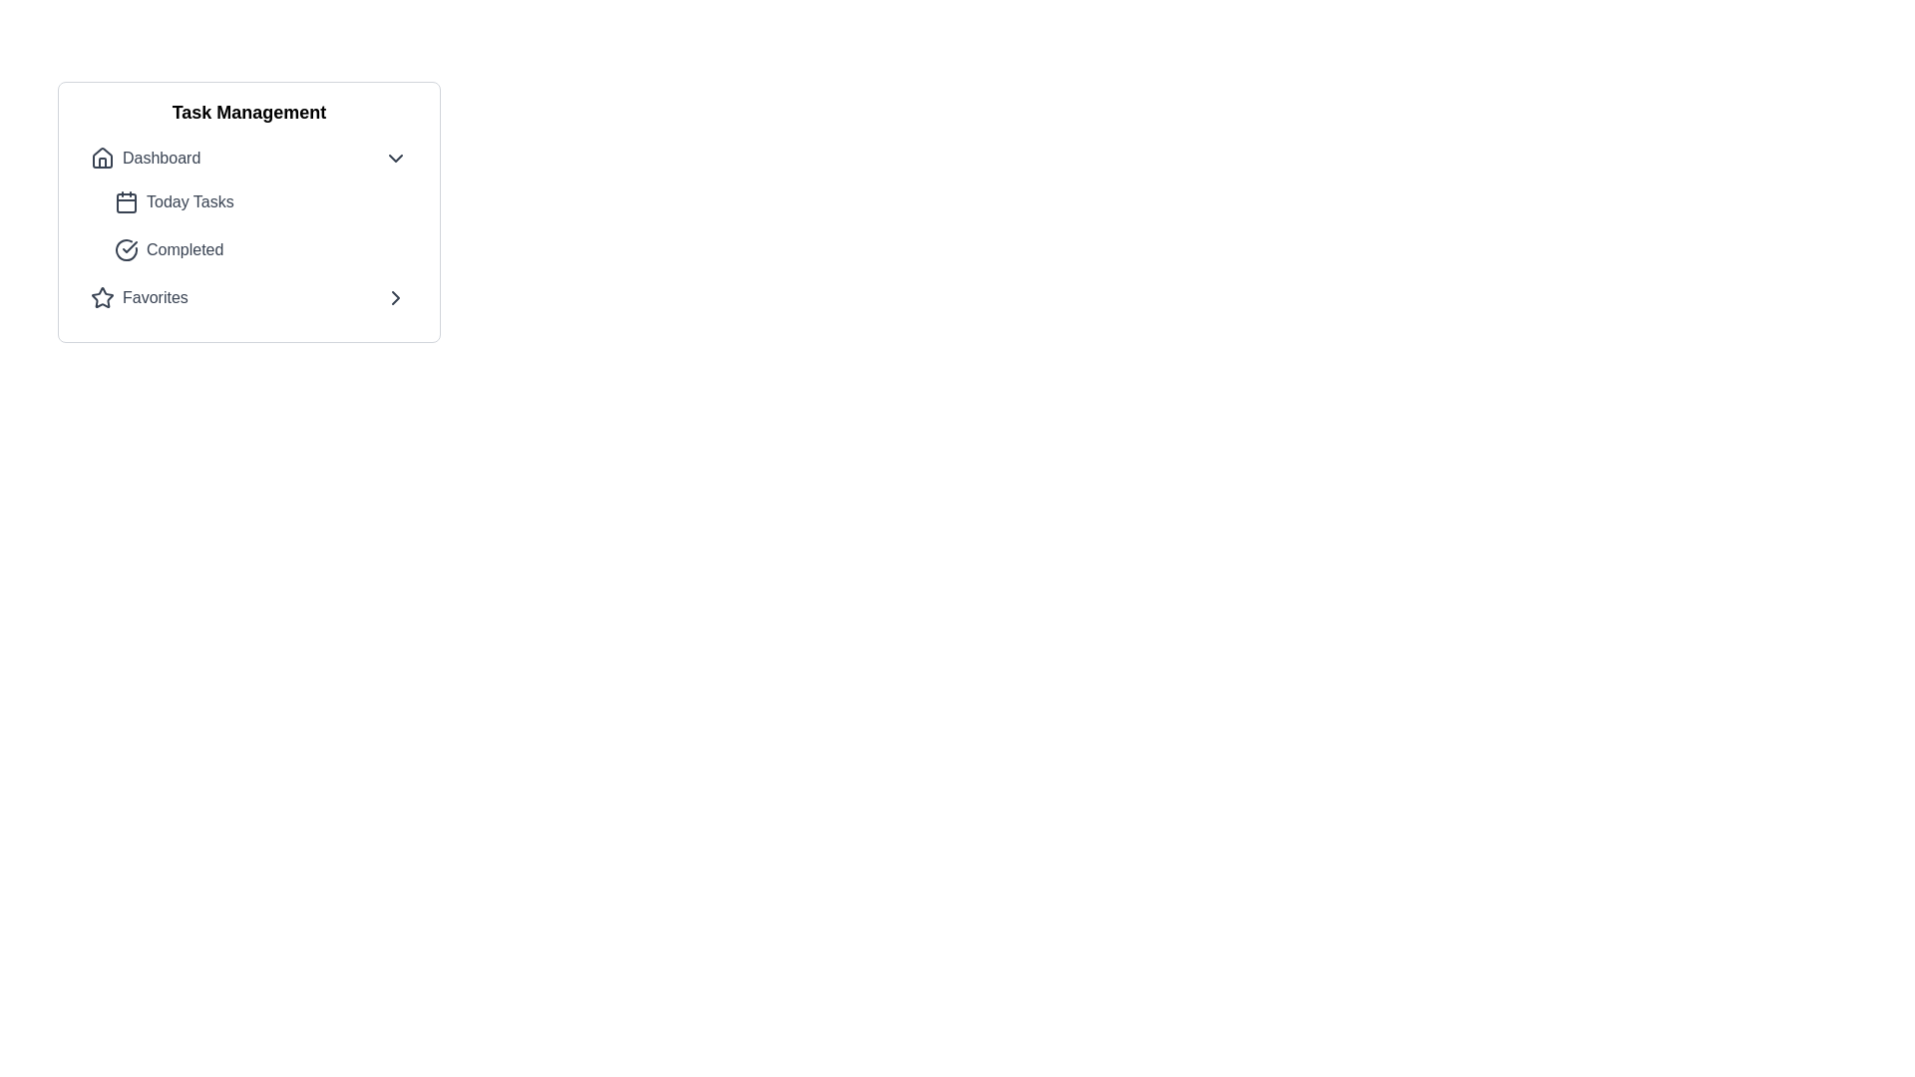  What do you see at coordinates (190, 202) in the screenshot?
I see `the text label that serves as a navigation item for tasks due today, positioned below the 'Dashboard' entry and above the 'Completed' entry, with a calendar icon to its left` at bounding box center [190, 202].